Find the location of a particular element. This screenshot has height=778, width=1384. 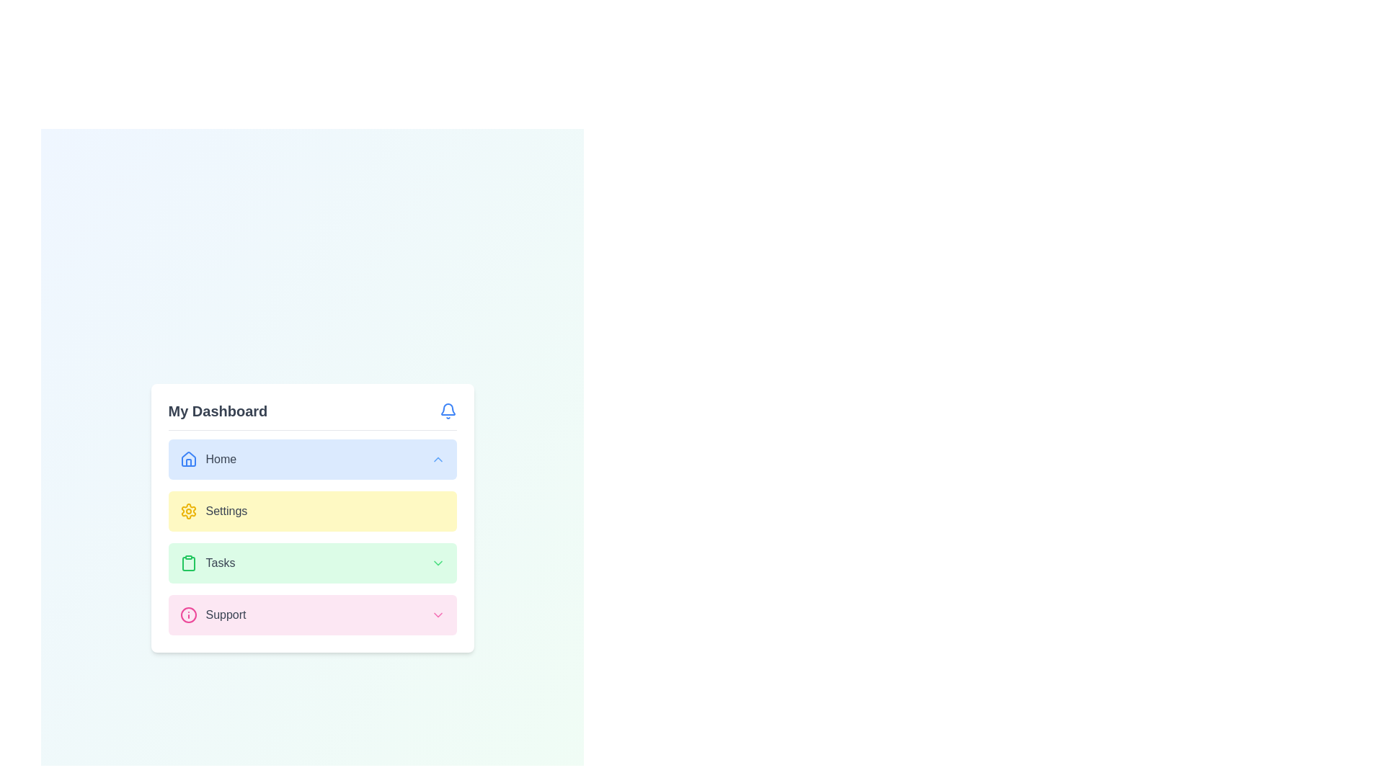

the green clipboard icon located to the left of the 'Tasks' text is located at coordinates (187, 562).